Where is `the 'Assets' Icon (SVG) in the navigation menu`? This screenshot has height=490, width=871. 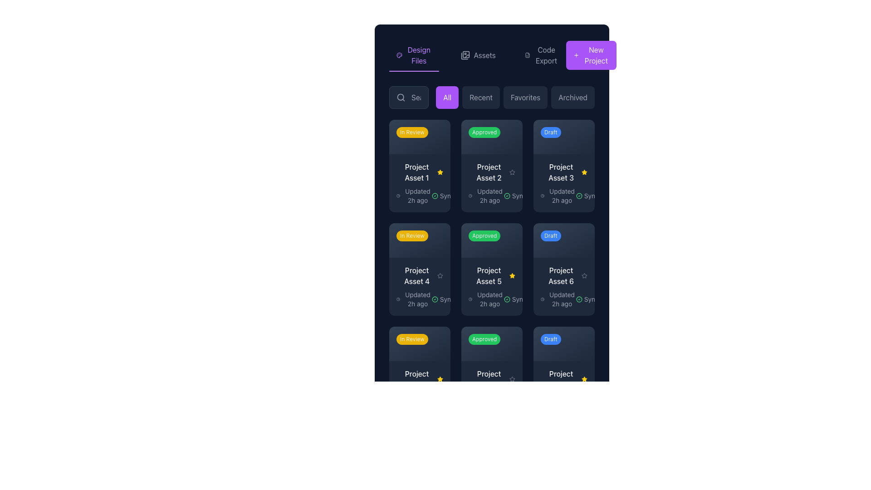 the 'Assets' Icon (SVG) in the navigation menu is located at coordinates (465, 55).